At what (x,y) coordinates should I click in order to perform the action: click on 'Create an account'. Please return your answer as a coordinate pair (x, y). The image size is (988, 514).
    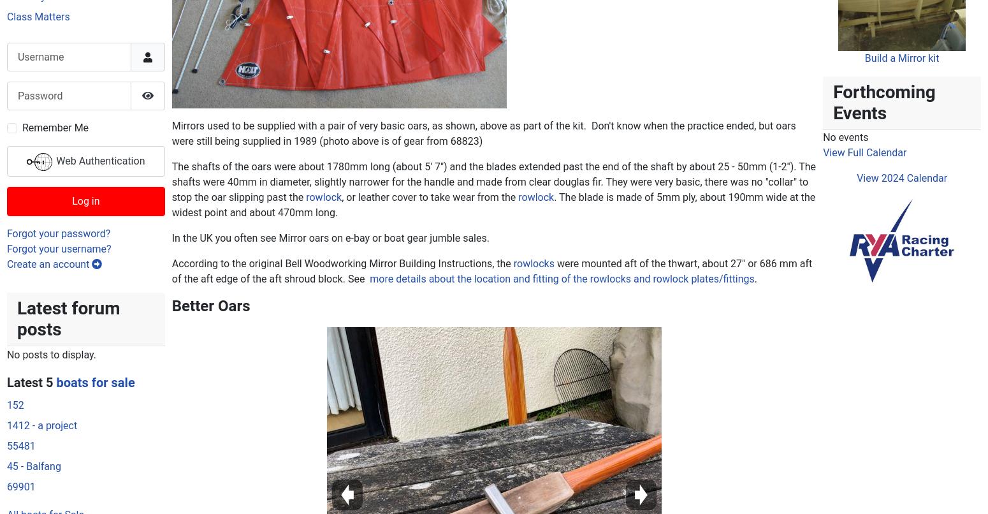
    Looking at the image, I should click on (48, 17).